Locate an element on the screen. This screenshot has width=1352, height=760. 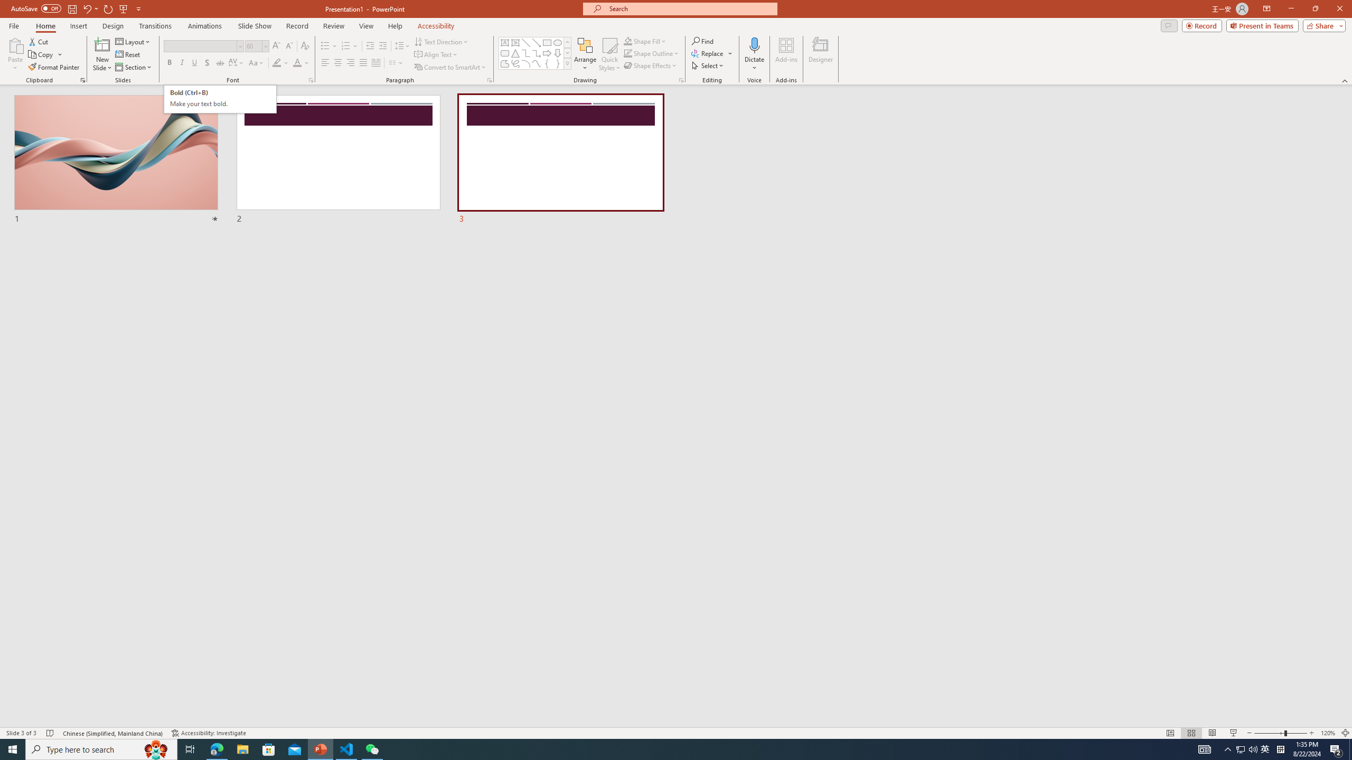
'Font' is located at coordinates (200, 46).